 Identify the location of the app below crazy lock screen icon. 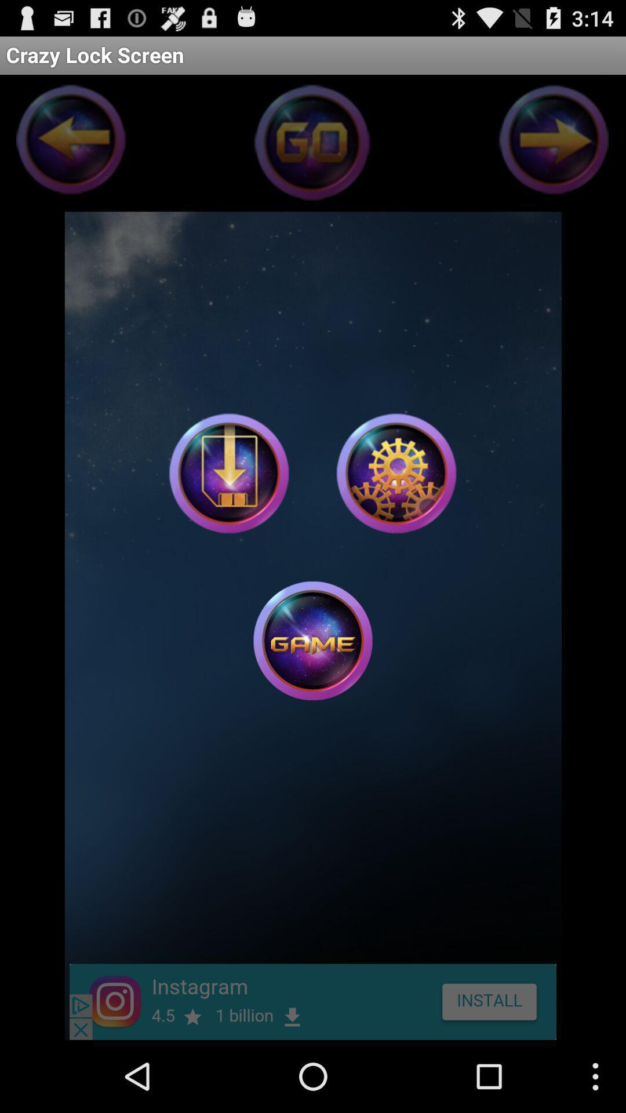
(395, 473).